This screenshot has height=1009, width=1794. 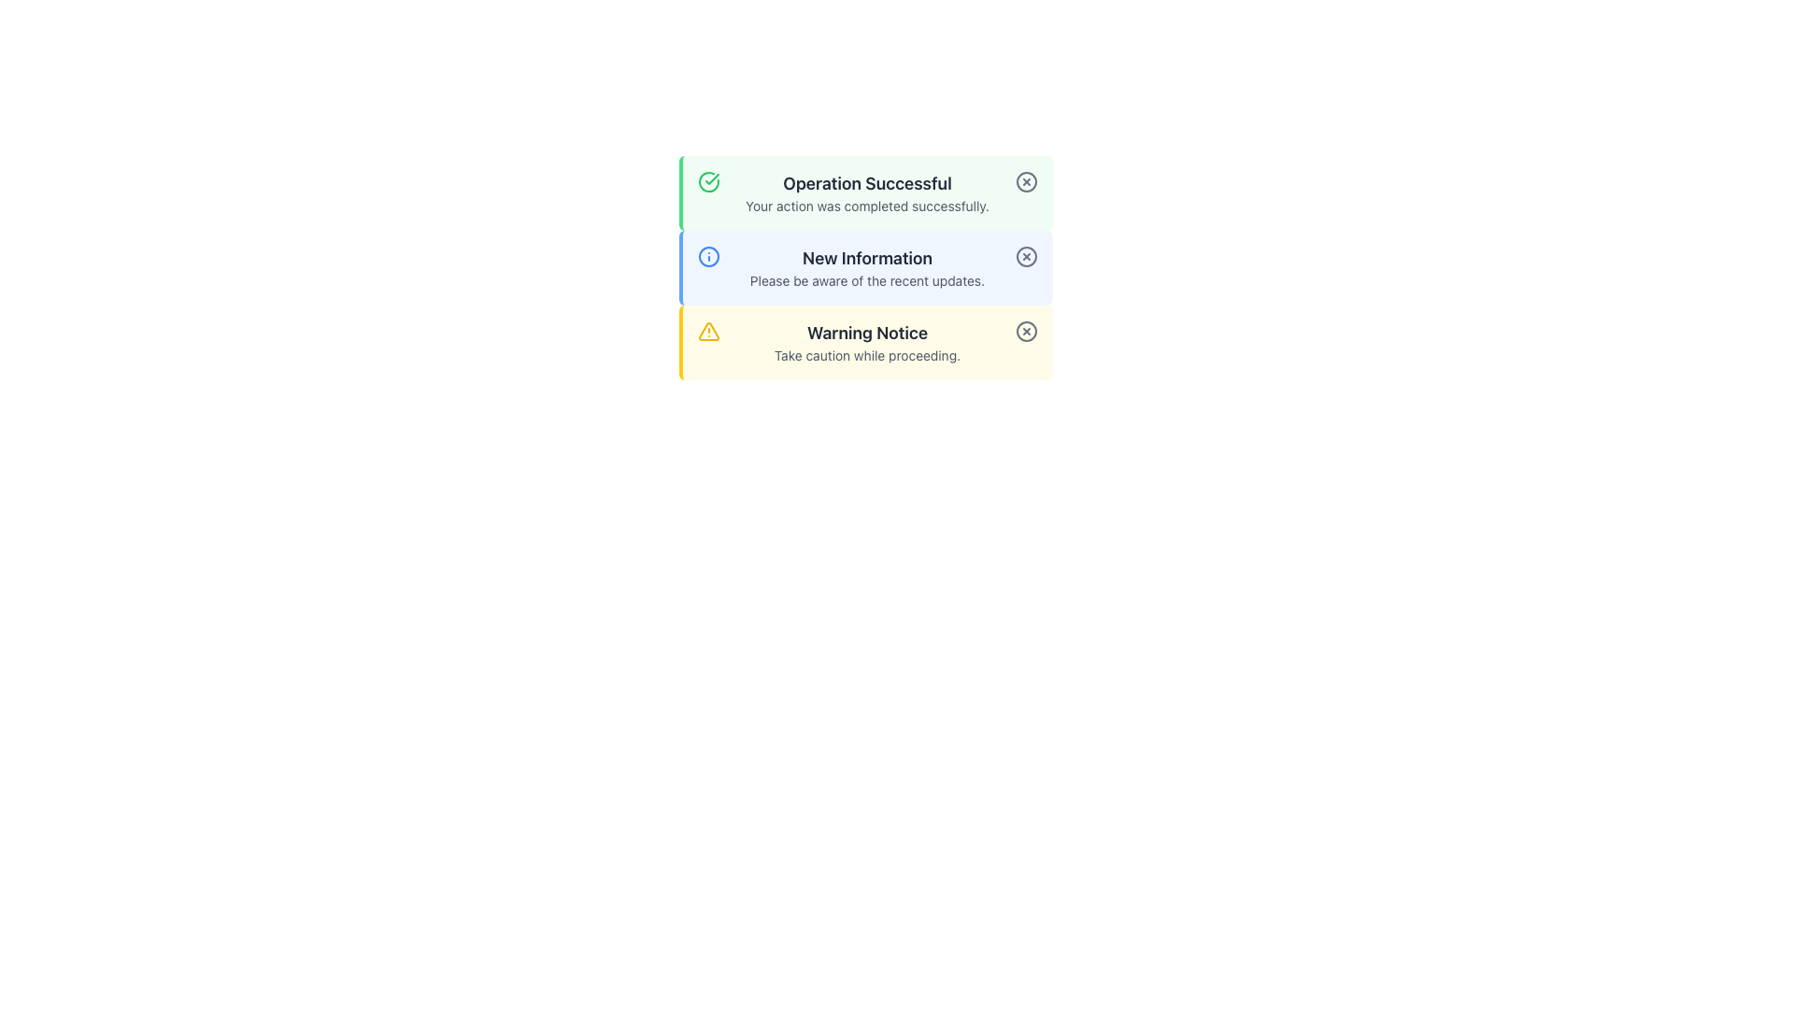 What do you see at coordinates (866, 183) in the screenshot?
I see `text label that serves as the title of the notification message, positioned at the top of the notification box and horizontally centered` at bounding box center [866, 183].